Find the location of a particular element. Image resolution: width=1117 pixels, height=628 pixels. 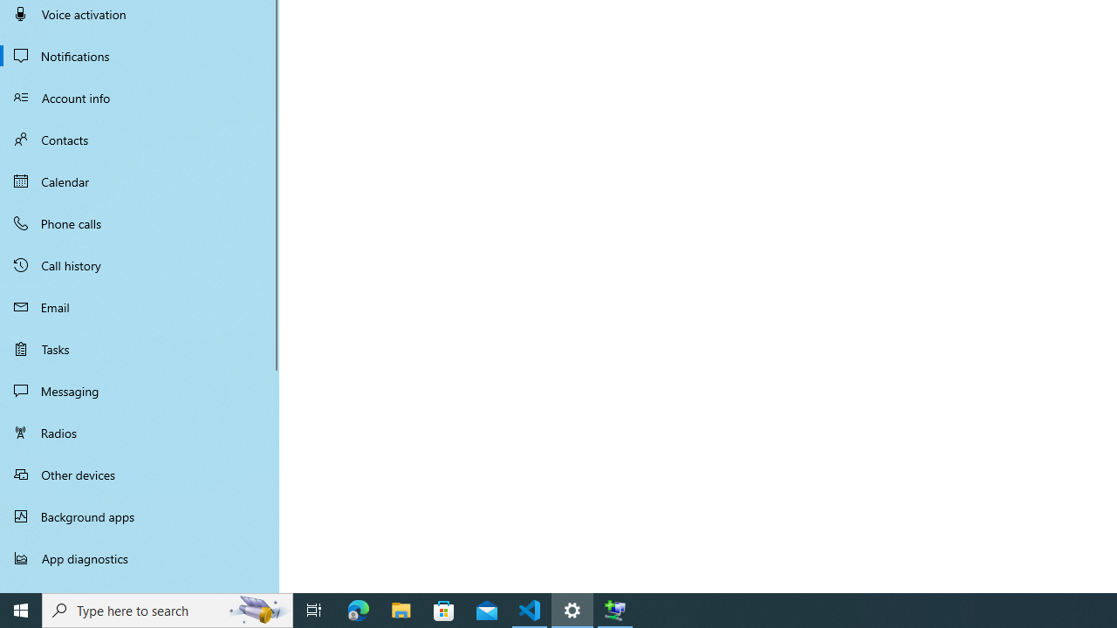

'Messaging' is located at coordinates (140, 390).